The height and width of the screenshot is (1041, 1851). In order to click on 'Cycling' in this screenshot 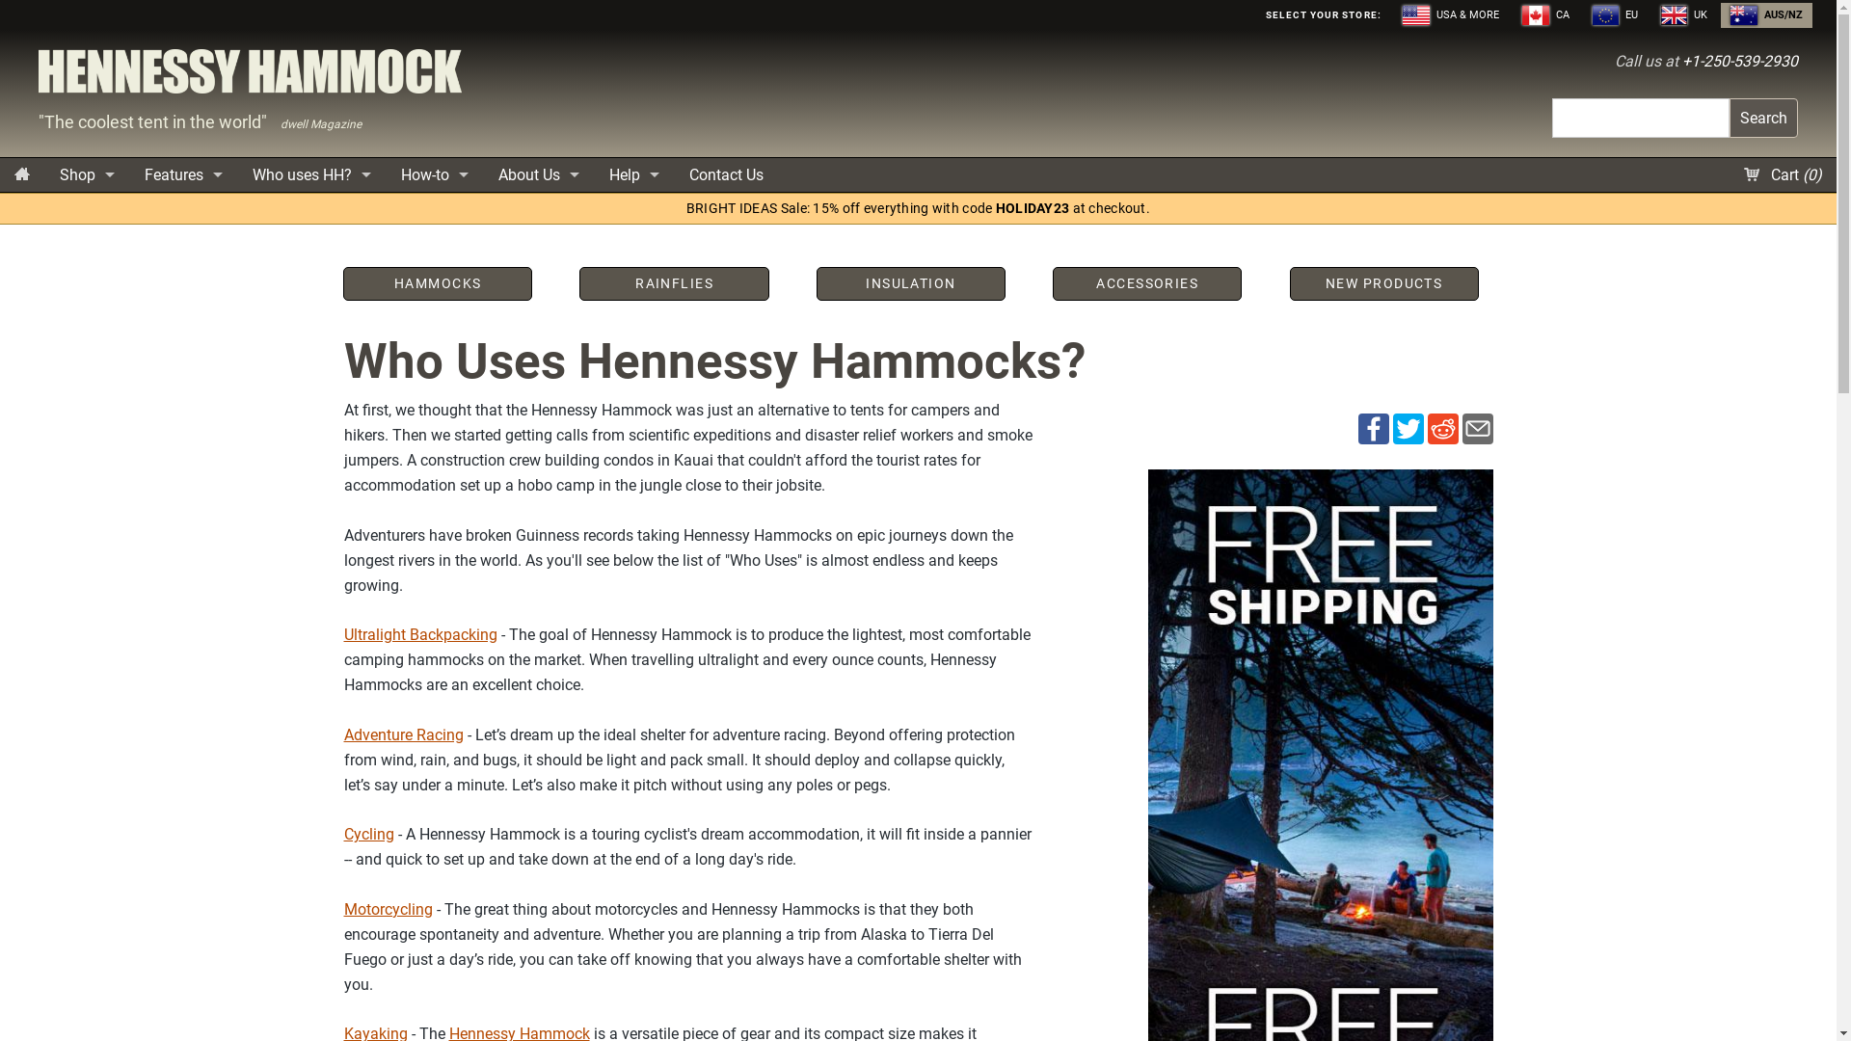, I will do `click(368, 833)`.